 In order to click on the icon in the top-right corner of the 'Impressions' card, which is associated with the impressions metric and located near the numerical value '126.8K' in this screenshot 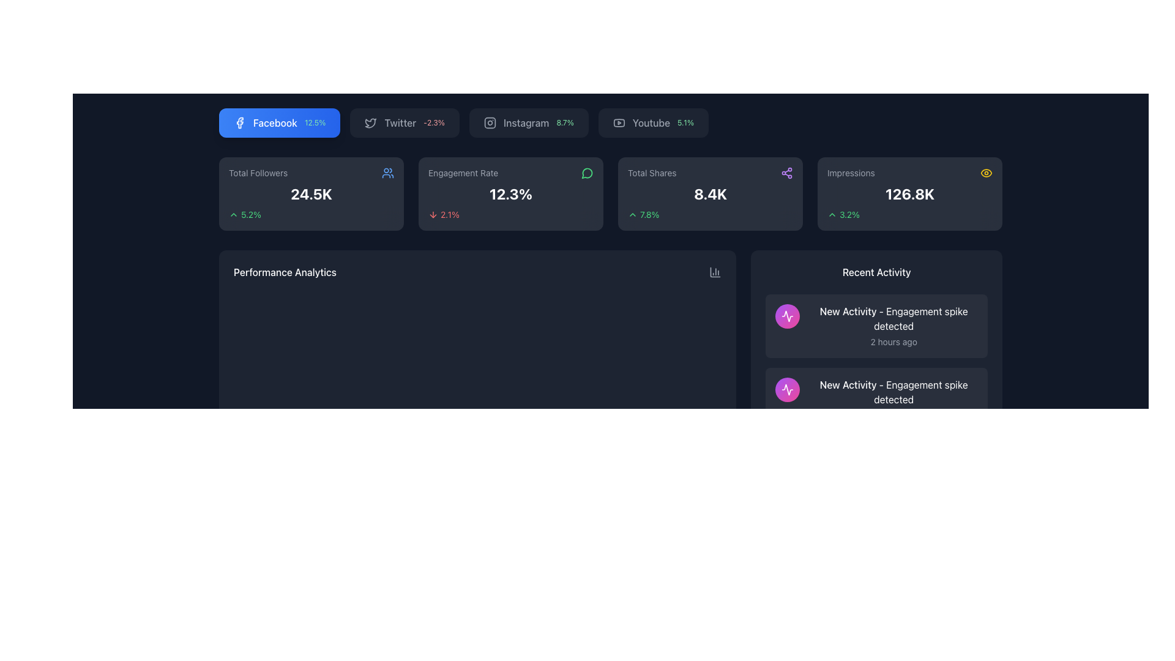, I will do `click(987, 173)`.